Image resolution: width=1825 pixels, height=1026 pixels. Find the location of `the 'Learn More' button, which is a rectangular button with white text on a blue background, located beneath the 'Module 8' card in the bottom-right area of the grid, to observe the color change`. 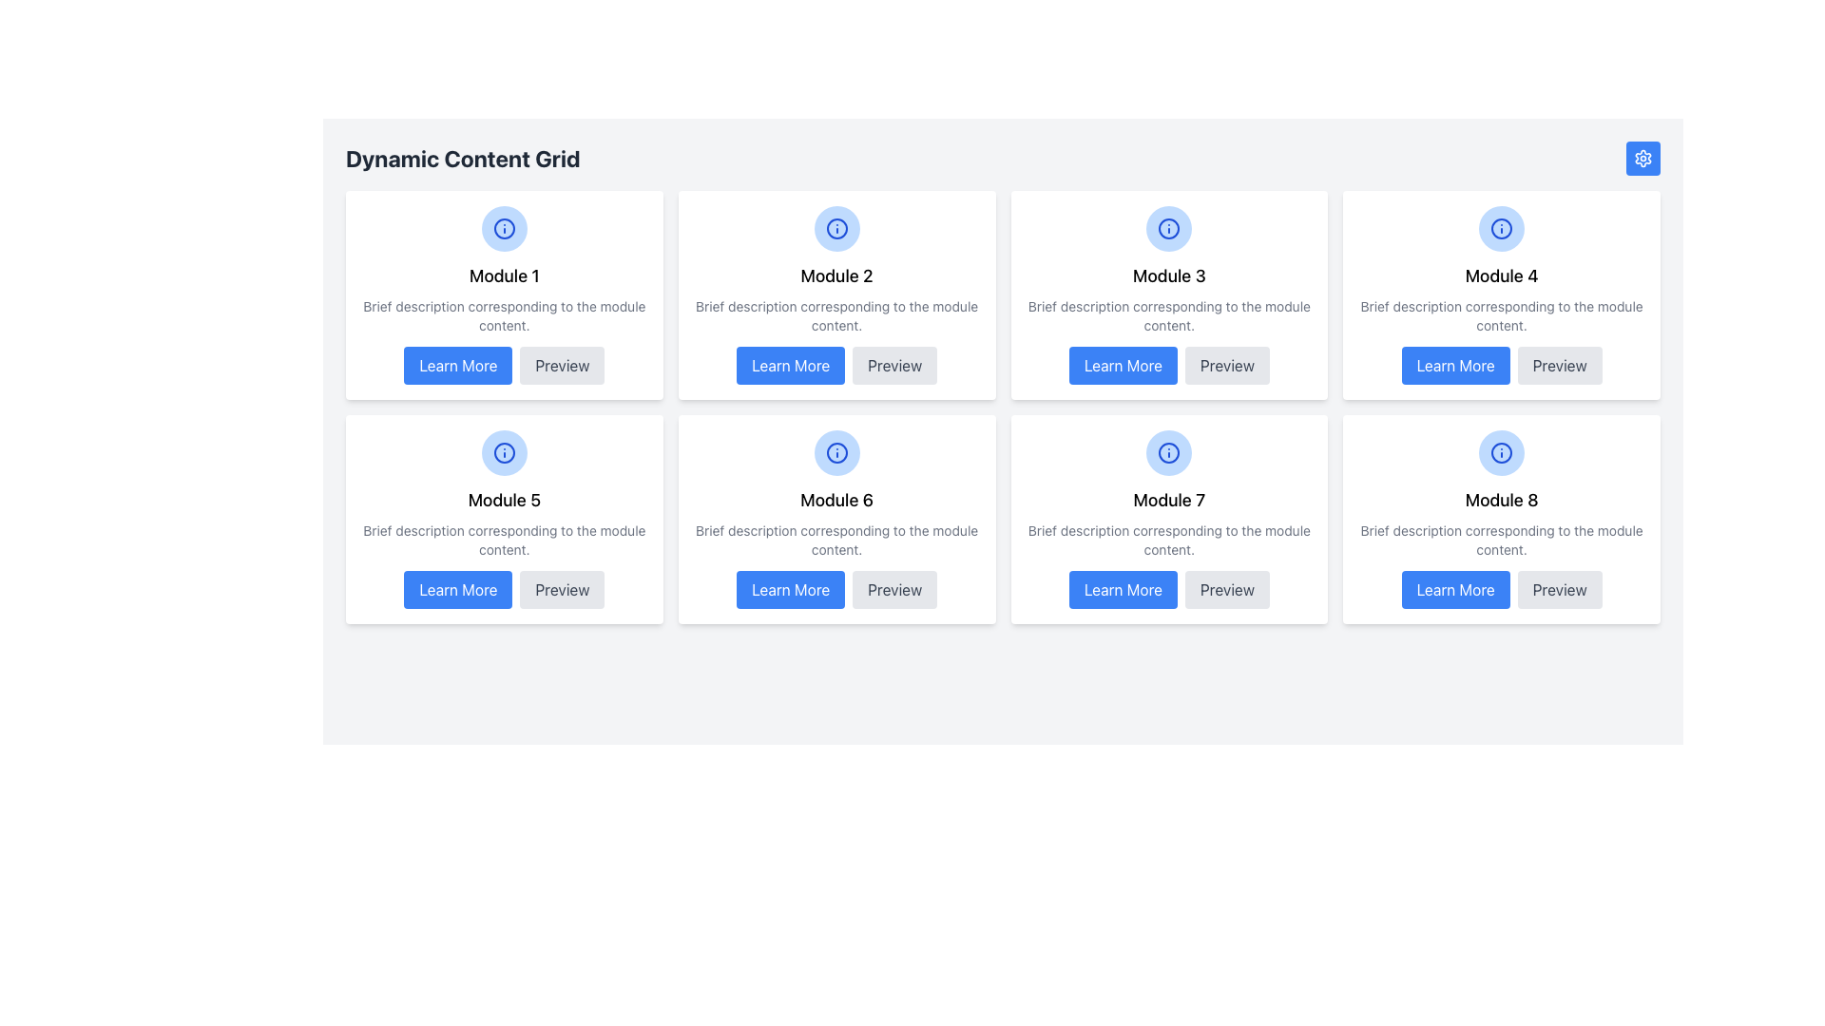

the 'Learn More' button, which is a rectangular button with white text on a blue background, located beneath the 'Module 8' card in the bottom-right area of the grid, to observe the color change is located at coordinates (1454, 589).